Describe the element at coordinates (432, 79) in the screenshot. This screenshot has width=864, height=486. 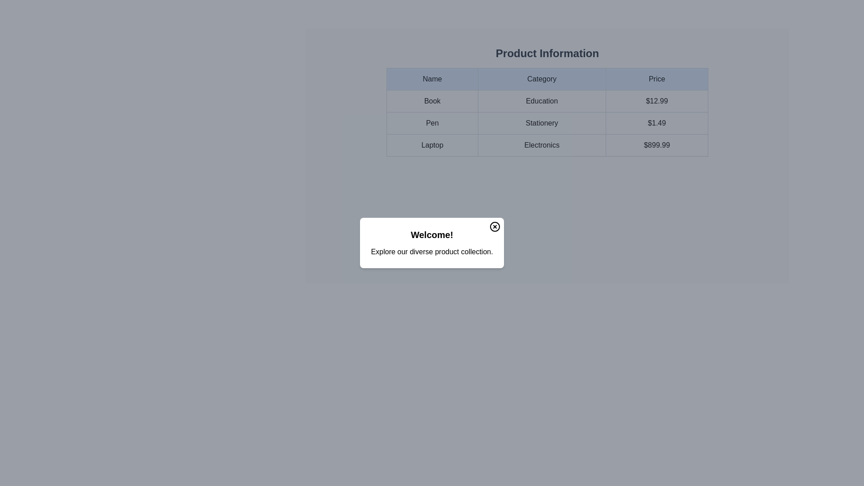
I see `text of the table header cell that labels the first column of the table, positioned to the left of the 'Category' header cell and above the column of item names` at that location.